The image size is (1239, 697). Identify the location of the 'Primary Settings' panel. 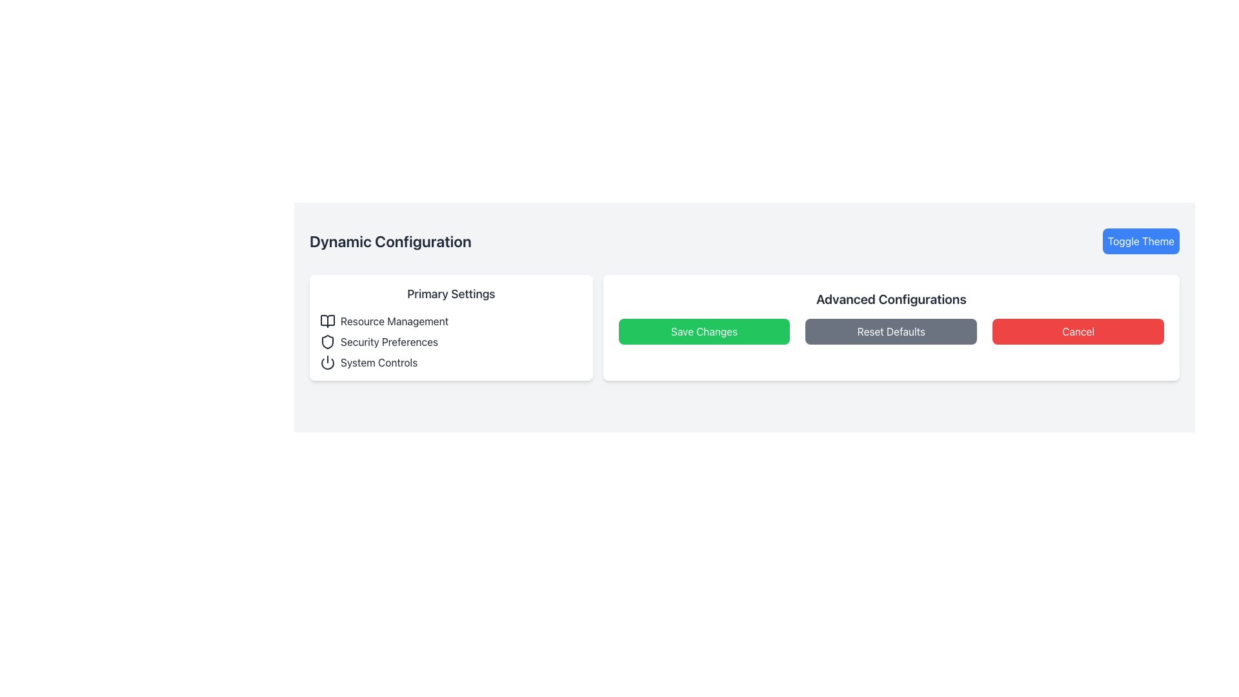
(451, 327).